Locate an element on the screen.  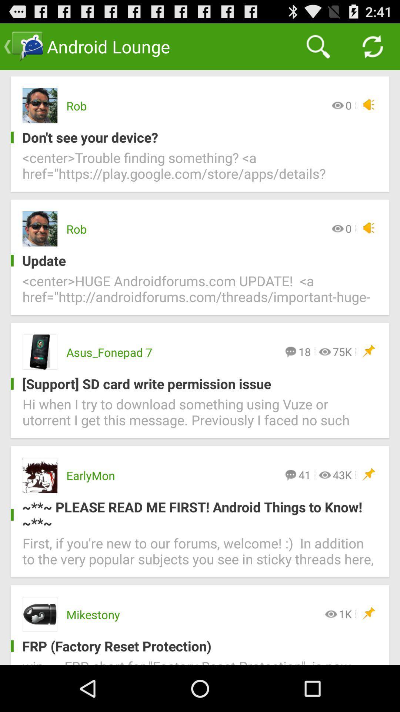
the item below the first if you icon is located at coordinates (195, 614).